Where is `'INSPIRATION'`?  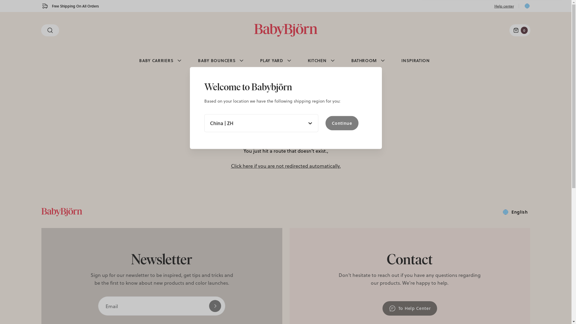
'INSPIRATION' is located at coordinates (395, 60).